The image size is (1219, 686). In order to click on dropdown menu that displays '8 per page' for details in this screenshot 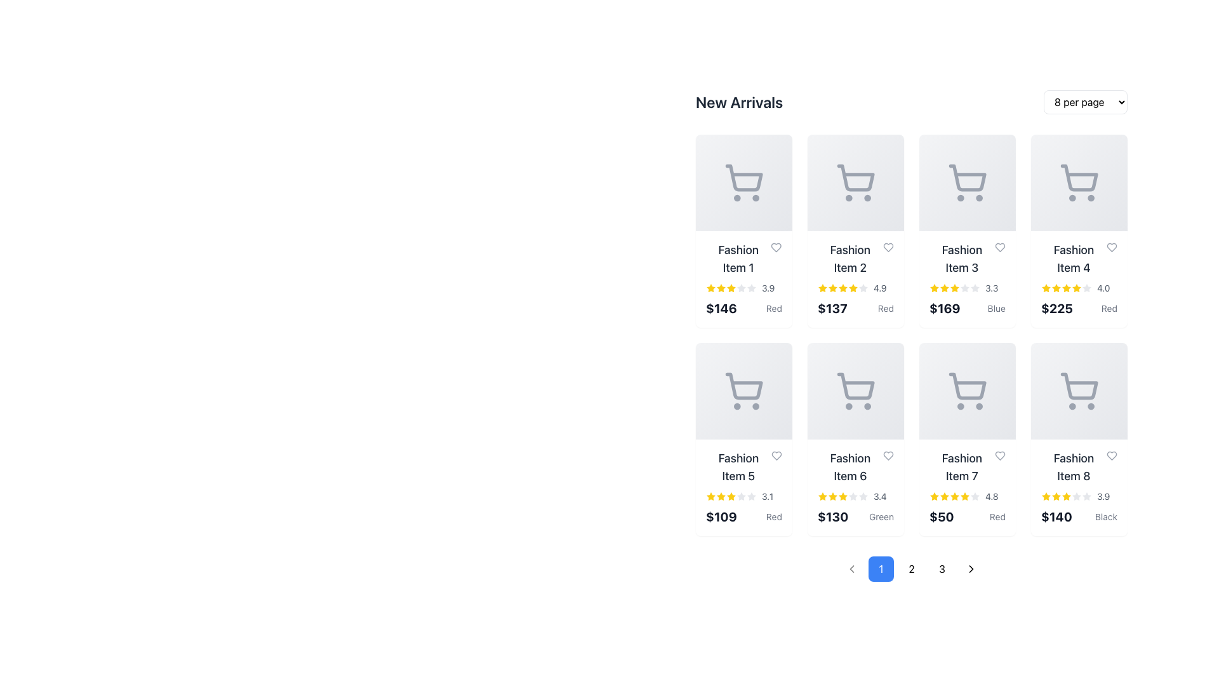, I will do `click(1084, 102)`.